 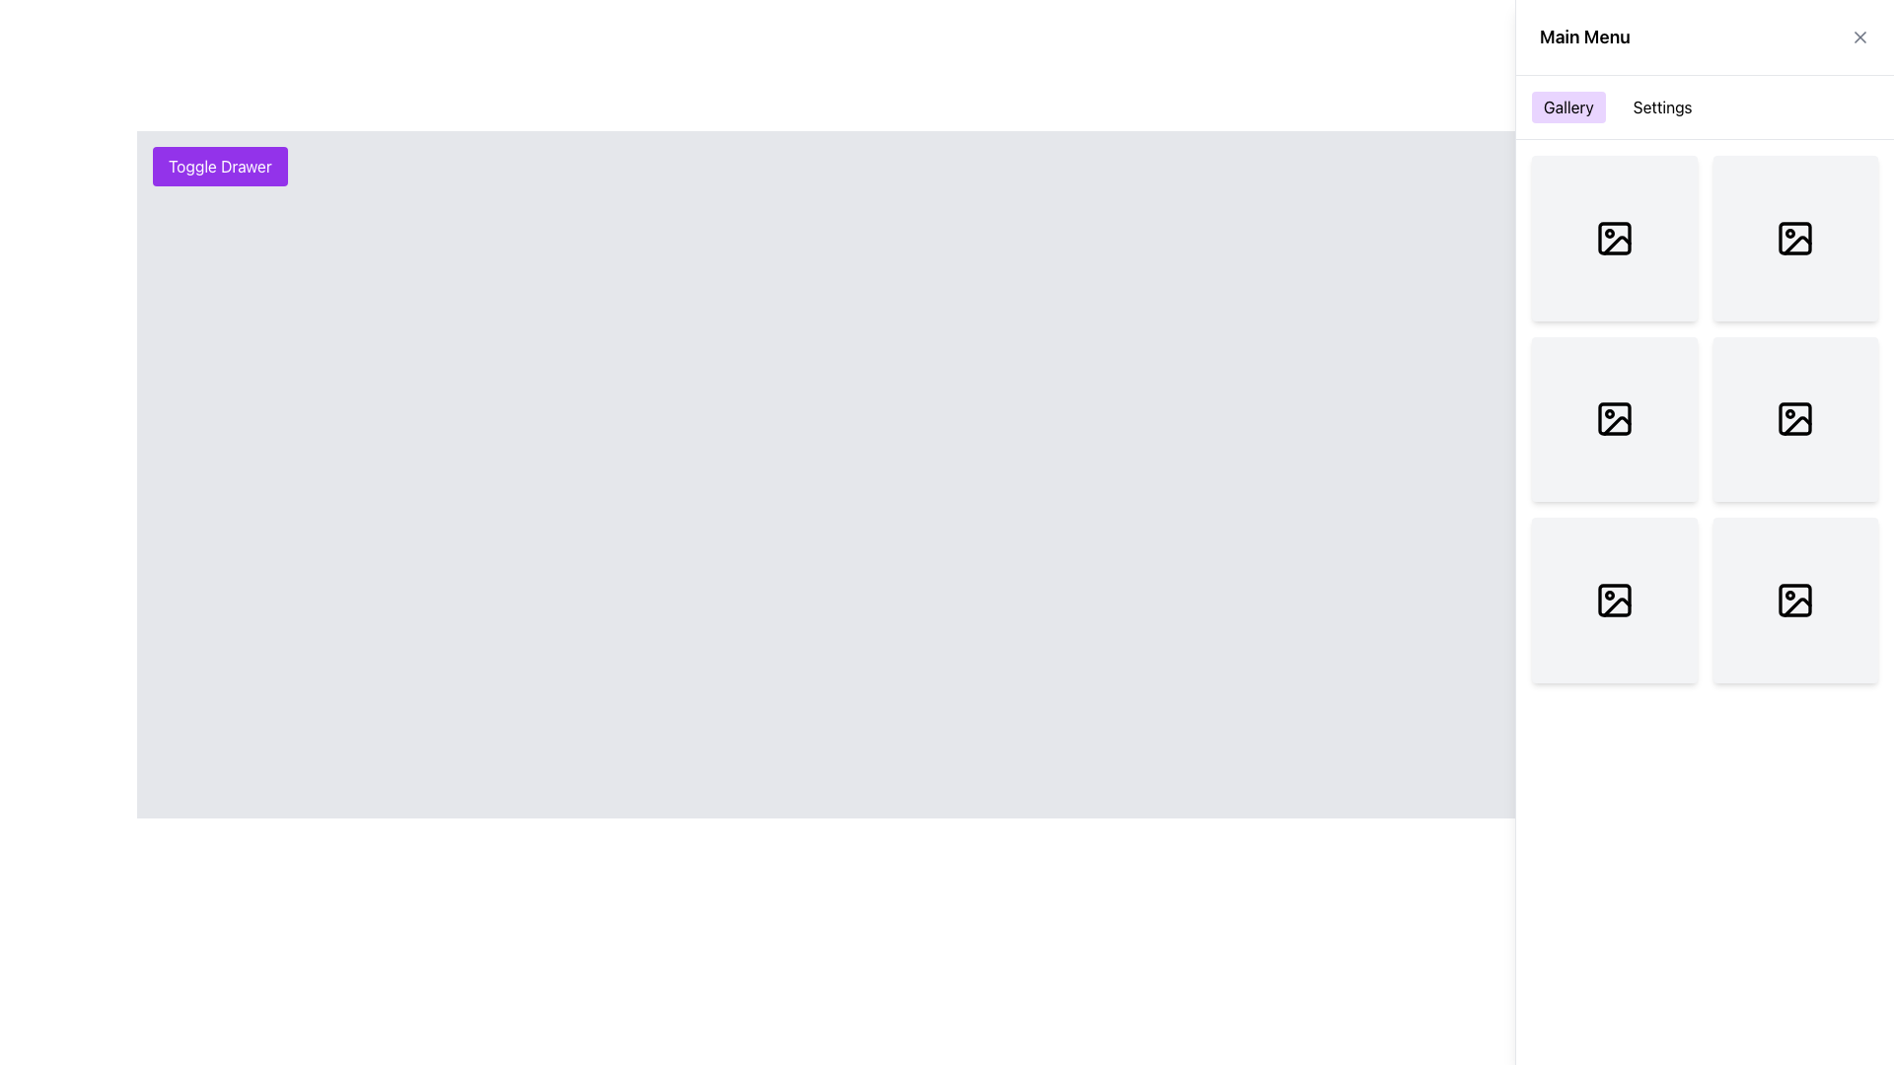 I want to click on the icon representing an image placeholder located in the second row, second column of the gallery section in the main menu, so click(x=1795, y=237).